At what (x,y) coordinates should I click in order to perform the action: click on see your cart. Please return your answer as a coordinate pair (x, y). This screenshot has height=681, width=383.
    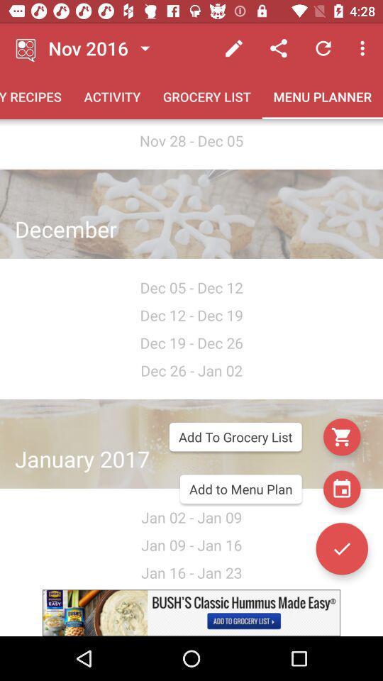
    Looking at the image, I should click on (341, 436).